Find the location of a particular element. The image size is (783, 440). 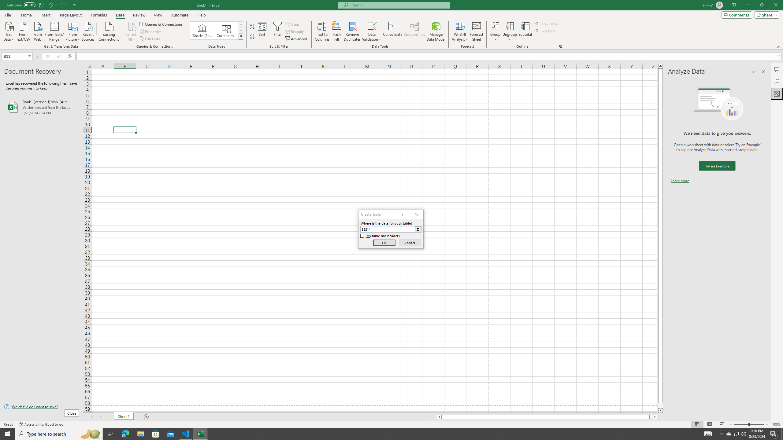

'Manage Data Model' is located at coordinates (436, 31).